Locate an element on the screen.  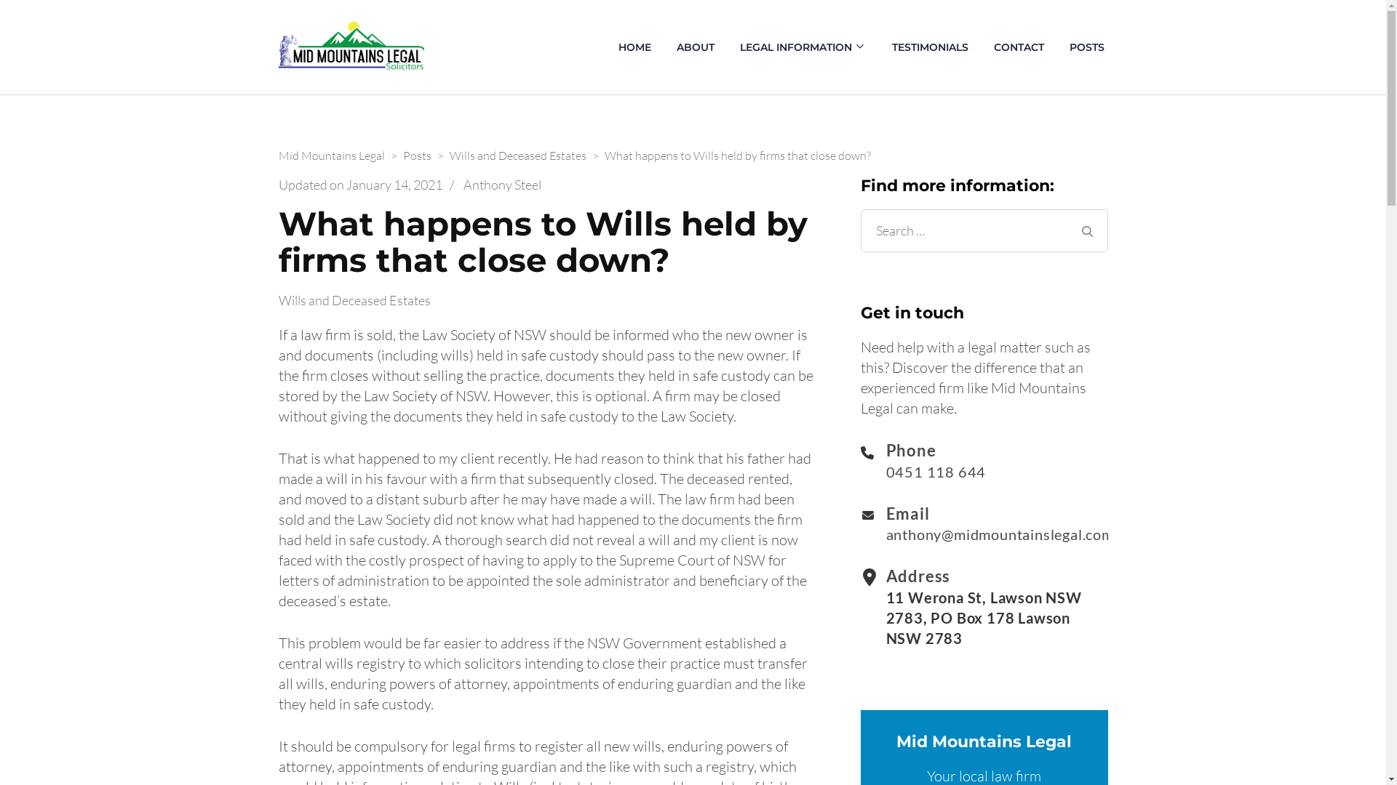
'ABOUT' is located at coordinates (694, 47).